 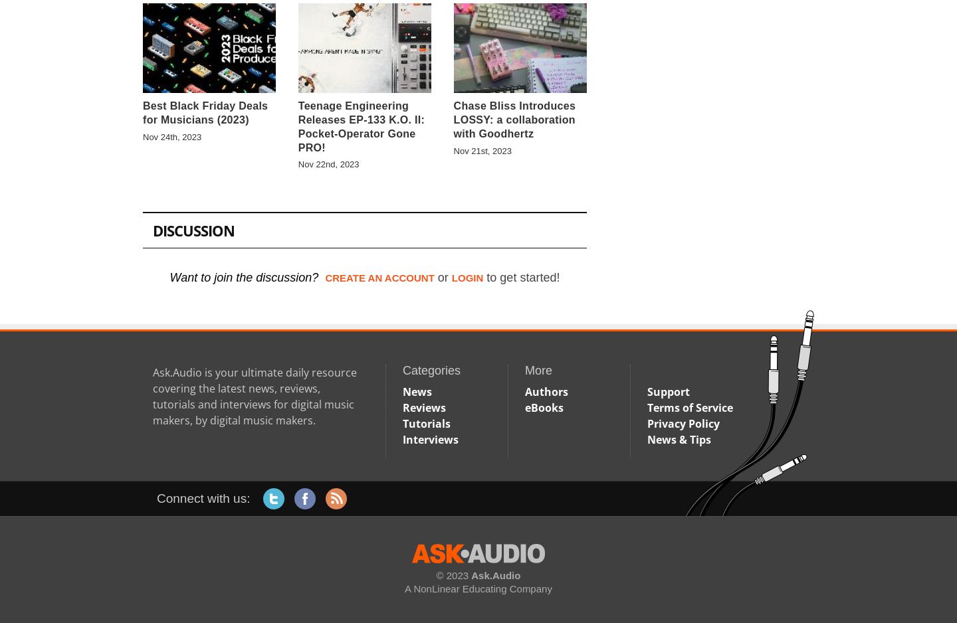 I want to click on 'Nov 22nd, 2023', so click(x=328, y=163).